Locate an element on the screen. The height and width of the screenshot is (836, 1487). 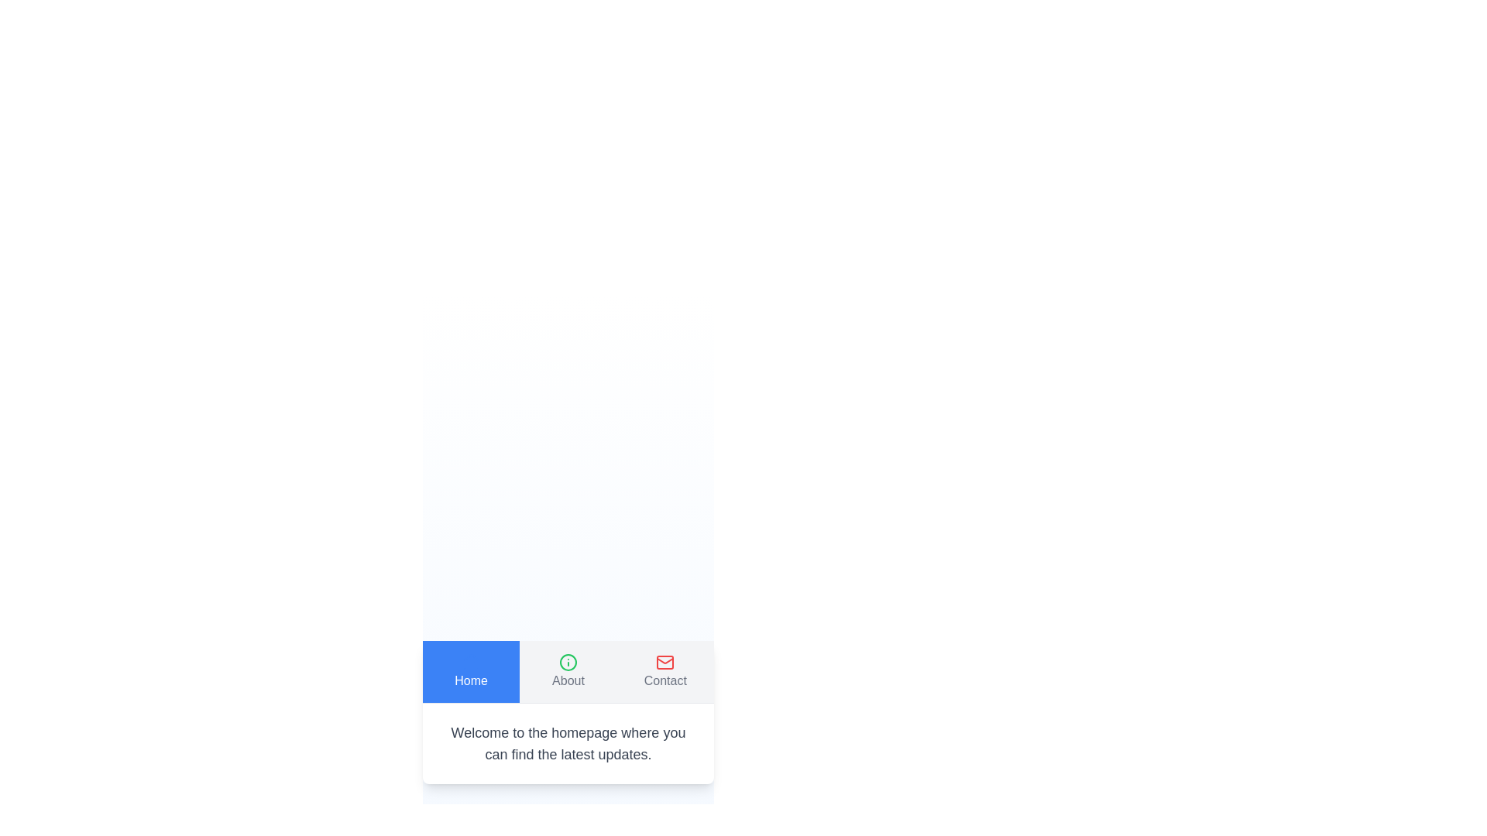
the Contact tab to view its content is located at coordinates (665, 670).